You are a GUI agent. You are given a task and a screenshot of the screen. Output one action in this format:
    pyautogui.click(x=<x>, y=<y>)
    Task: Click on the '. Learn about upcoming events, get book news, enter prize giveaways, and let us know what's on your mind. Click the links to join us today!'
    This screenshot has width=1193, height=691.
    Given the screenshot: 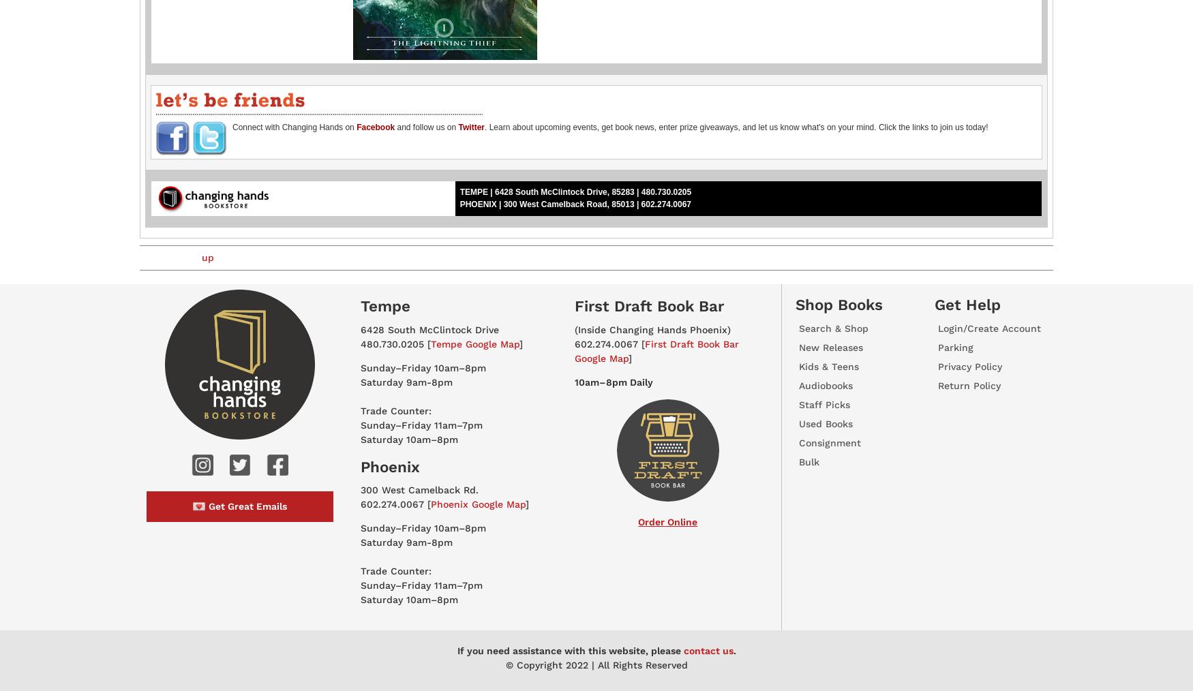 What is the action you would take?
    pyautogui.click(x=736, y=125)
    